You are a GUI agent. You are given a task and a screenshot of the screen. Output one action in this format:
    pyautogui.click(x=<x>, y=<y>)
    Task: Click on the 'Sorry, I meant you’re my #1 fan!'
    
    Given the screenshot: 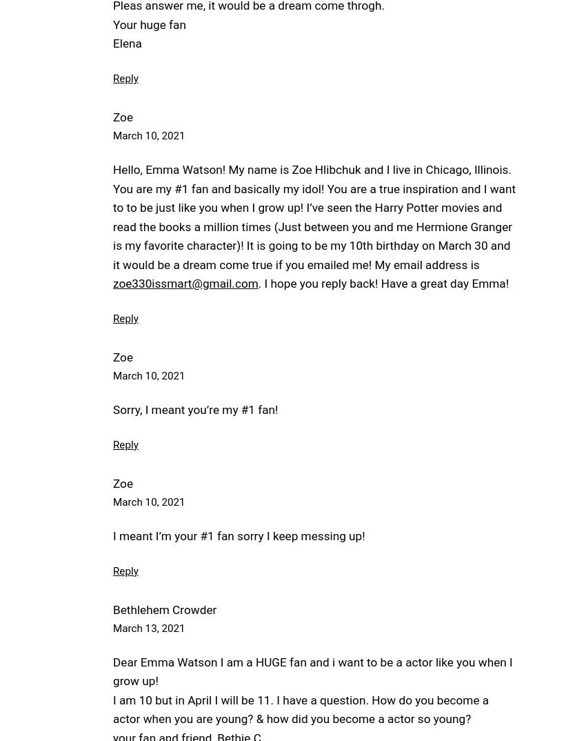 What is the action you would take?
    pyautogui.click(x=112, y=410)
    